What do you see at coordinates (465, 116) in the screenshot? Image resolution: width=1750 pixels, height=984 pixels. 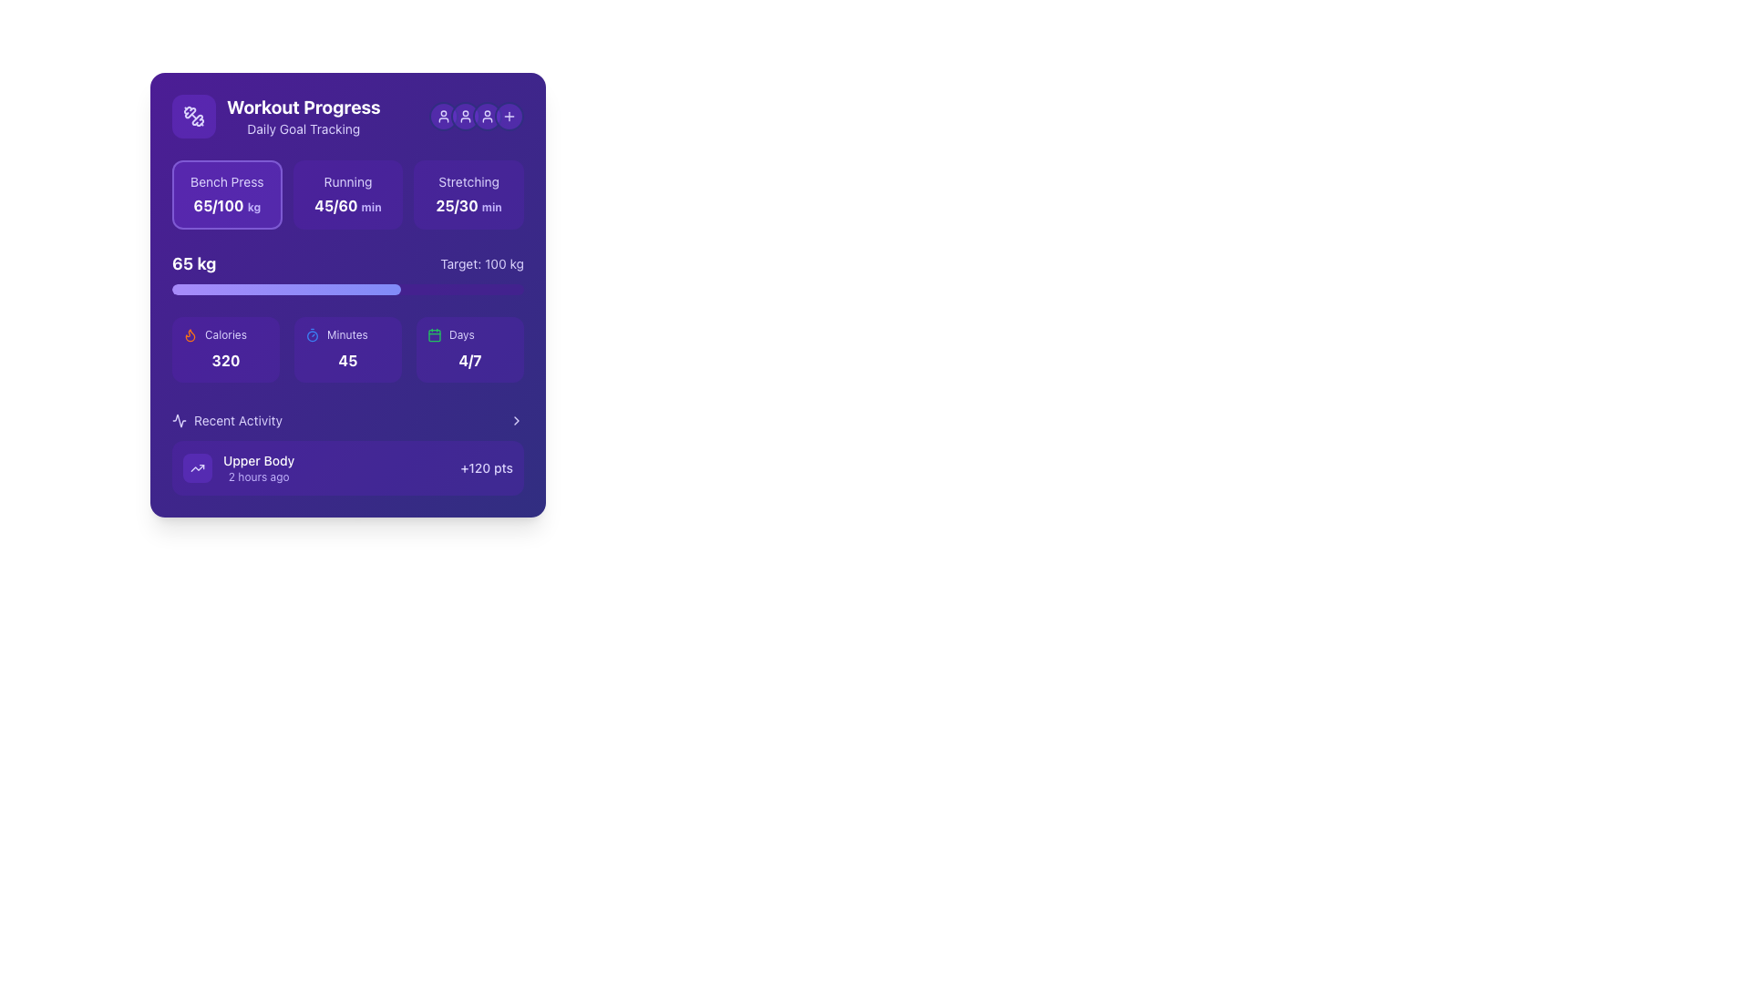 I see `the small user icon (SVG graphic) with a light violet color, located in the top-right corner of the 'Workout Progress' card, which is the second icon from the left` at bounding box center [465, 116].